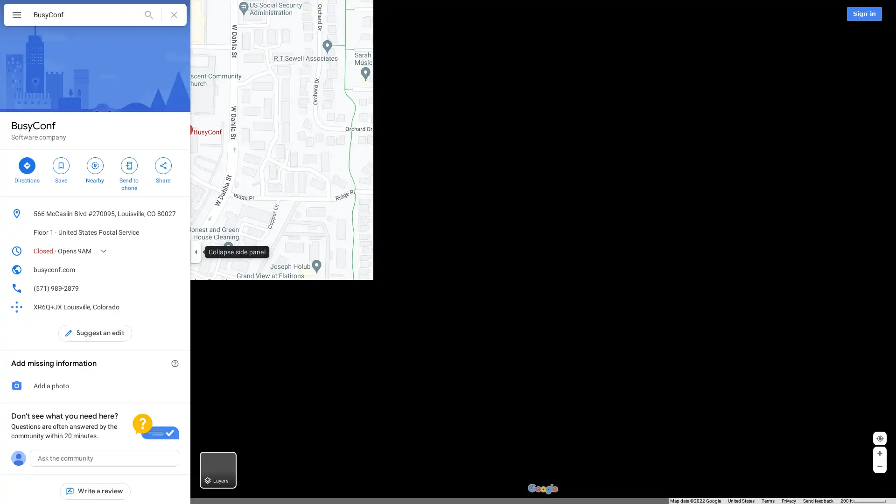 This screenshot has height=504, width=896. I want to click on Menu, so click(16, 16).